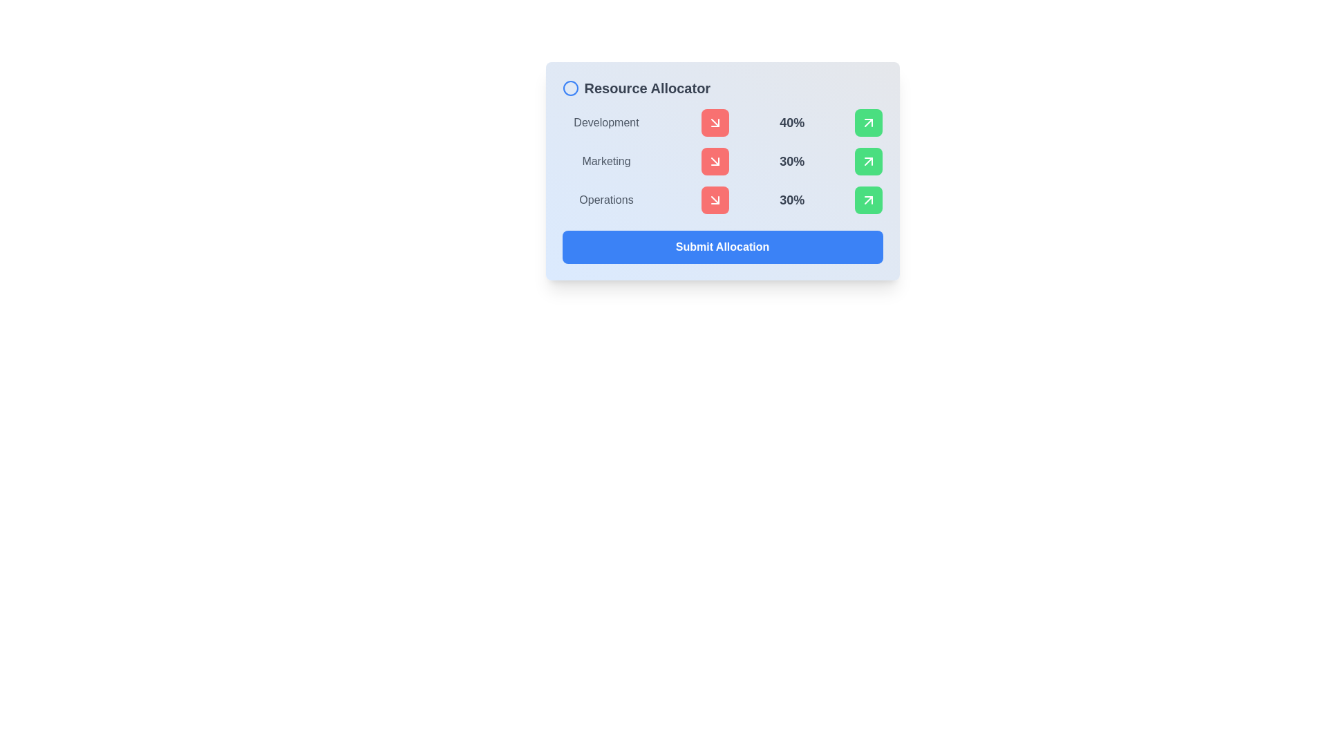 This screenshot has width=1327, height=746. What do you see at coordinates (868, 122) in the screenshot?
I see `the small rounded rectangular button with a green background and a white arrow pointing diagonally upwards to the right, located at the far right in the 'Development' row` at bounding box center [868, 122].